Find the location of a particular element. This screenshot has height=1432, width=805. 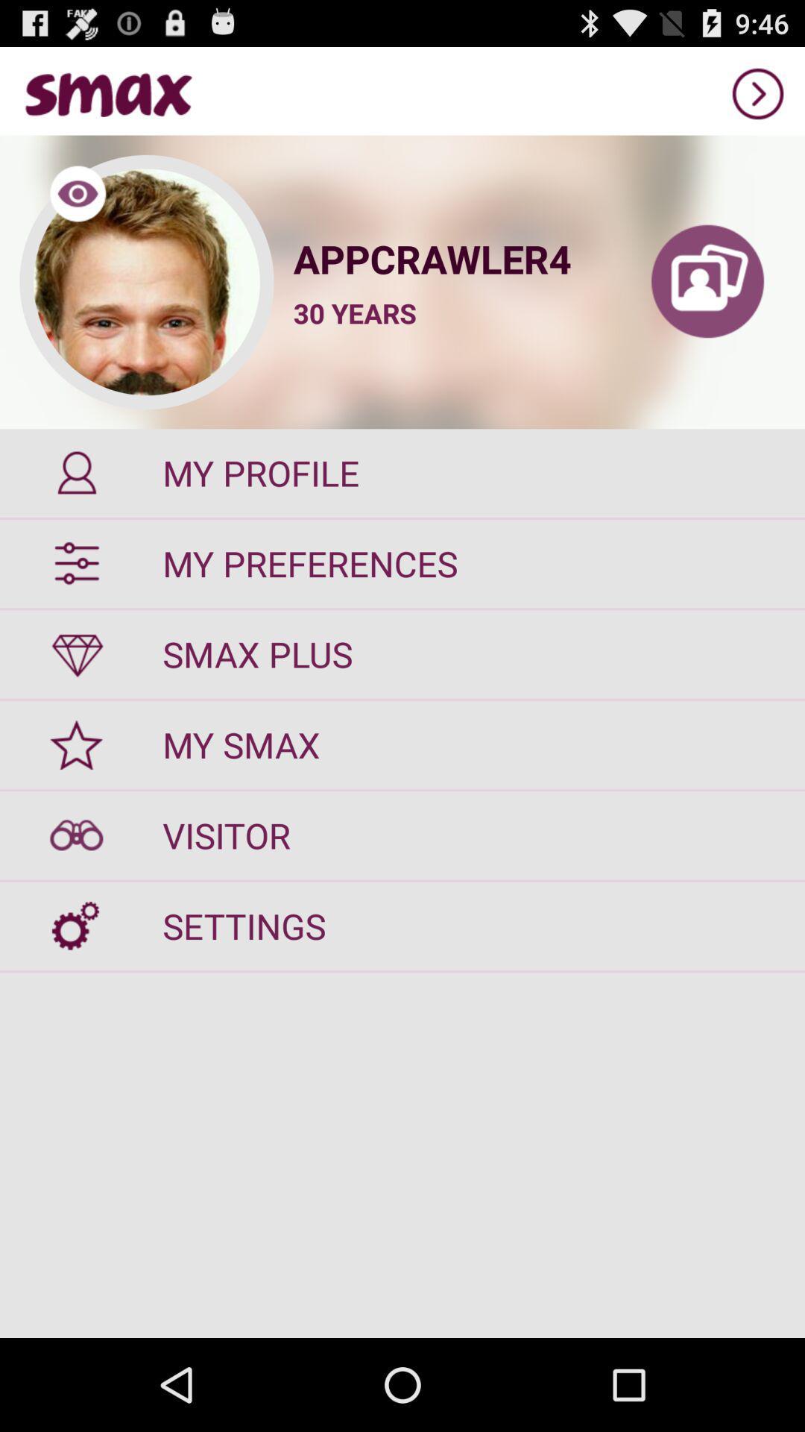

the appcrawler4 item is located at coordinates (451, 258).